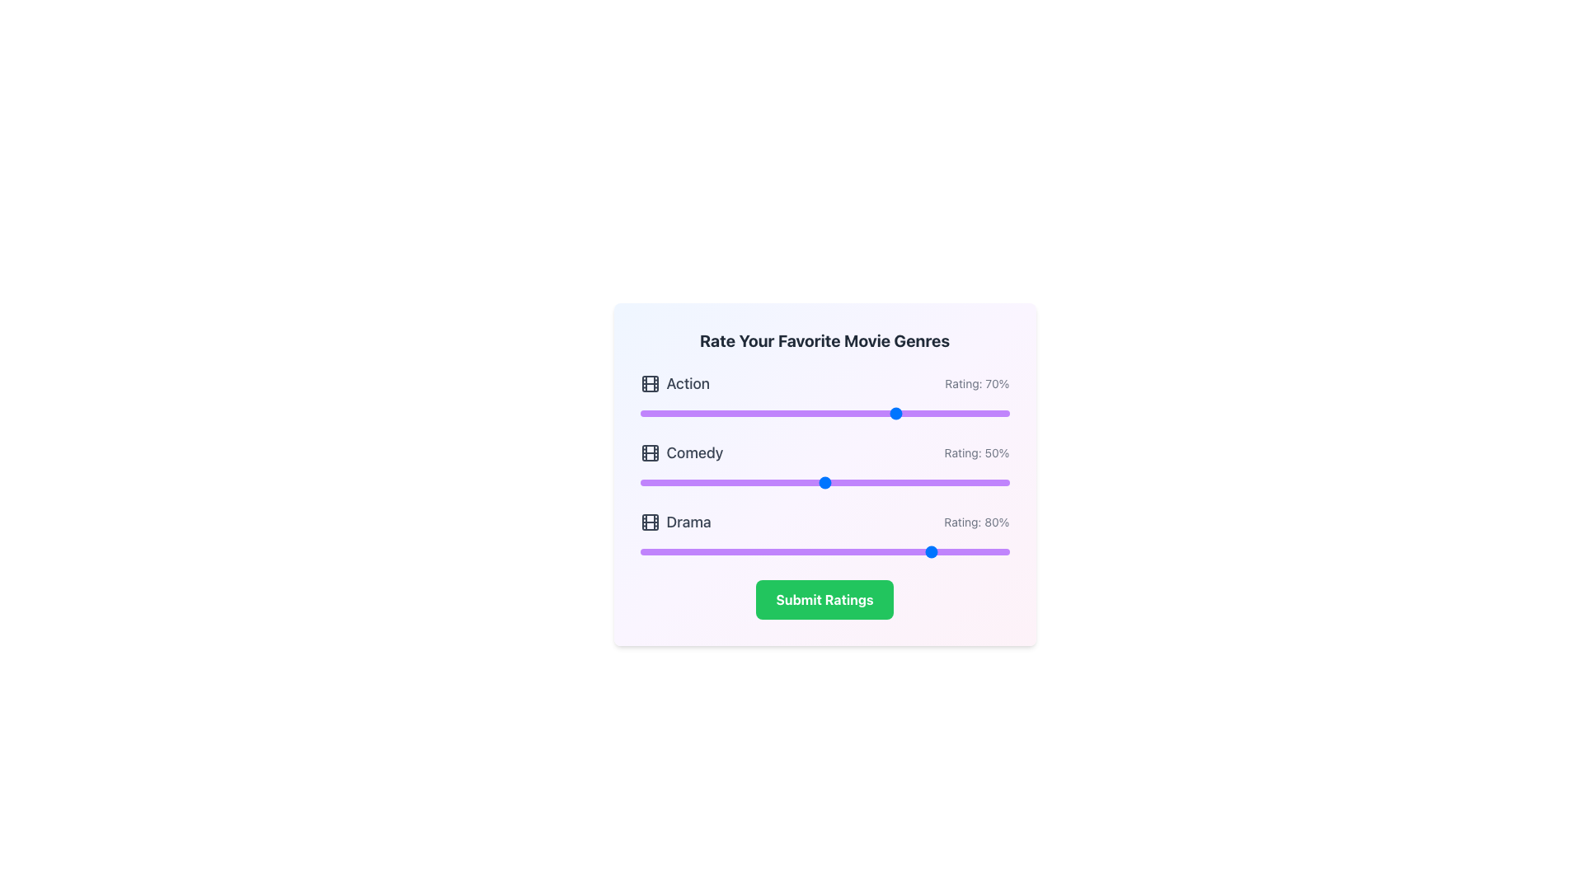  What do you see at coordinates (835, 412) in the screenshot?
I see `the 'Action' movie genre rating` at bounding box center [835, 412].